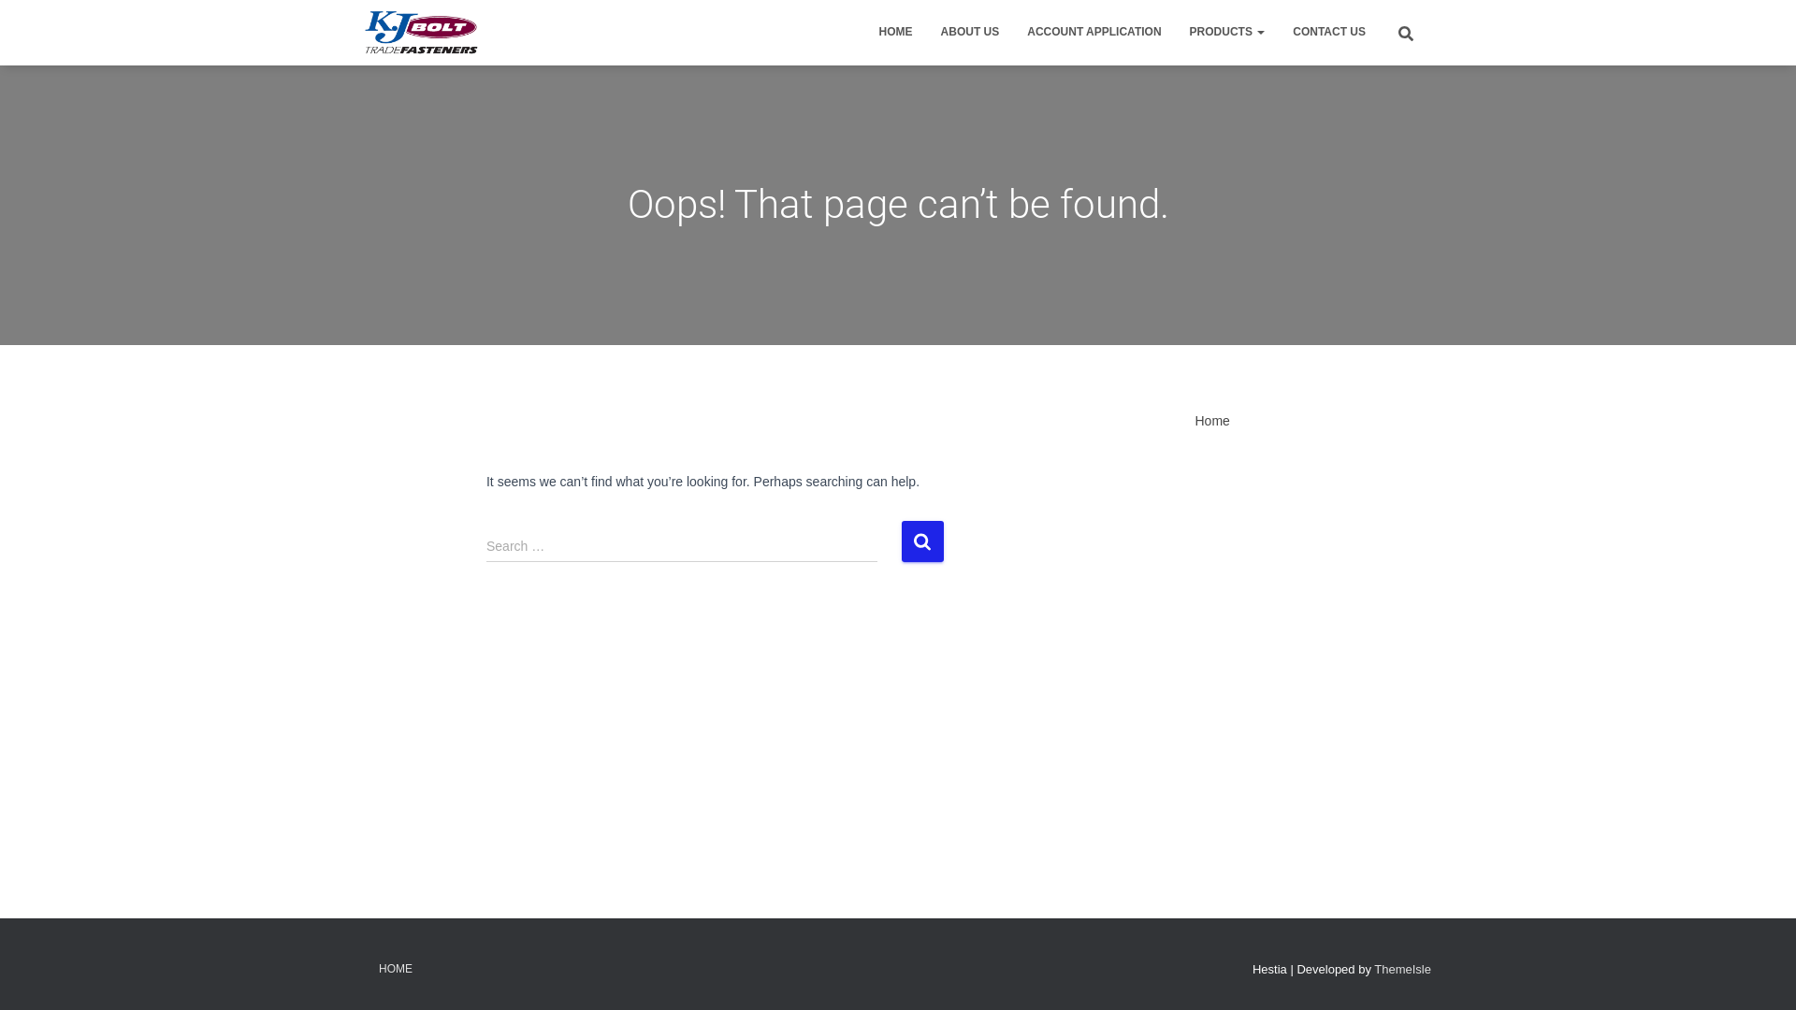 Image resolution: width=1796 pixels, height=1010 pixels. What do you see at coordinates (1227, 32) in the screenshot?
I see `'PRODUCTS'` at bounding box center [1227, 32].